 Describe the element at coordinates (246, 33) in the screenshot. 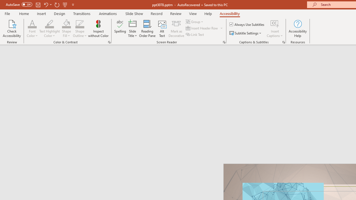

I see `'Subtitle Settings'` at that location.